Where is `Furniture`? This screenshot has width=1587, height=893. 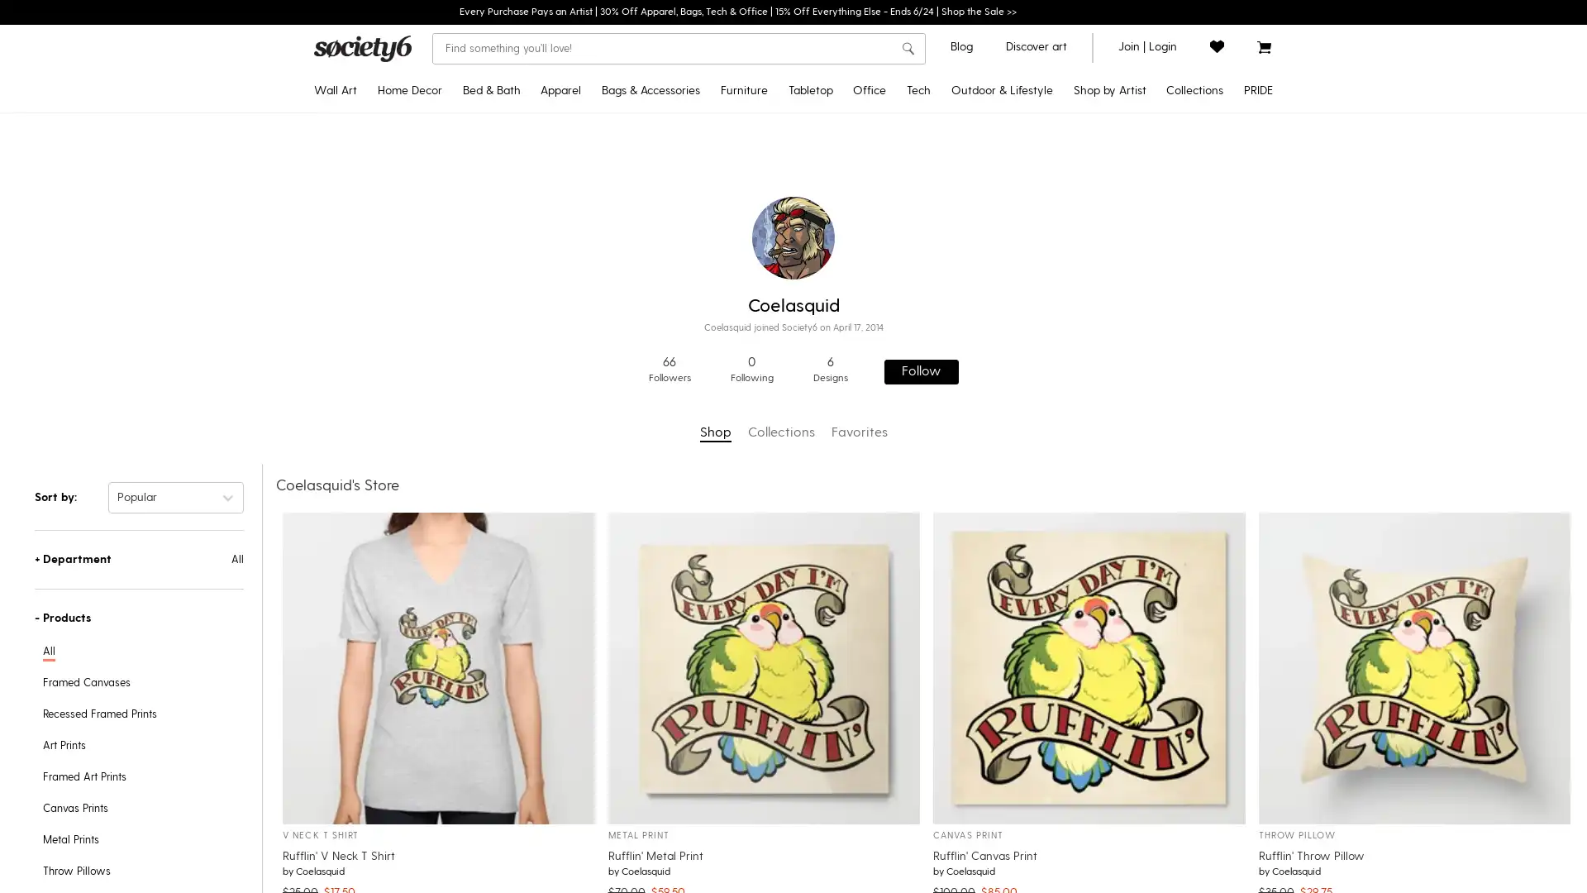
Furniture is located at coordinates (742, 91).